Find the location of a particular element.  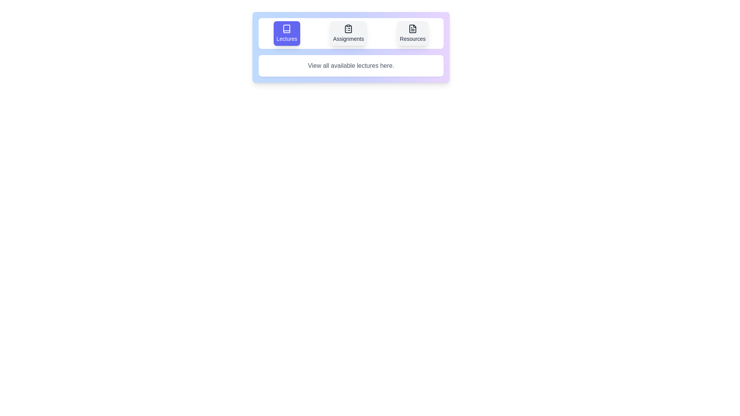

the Assignments tab to trigger its hover effect is located at coordinates (348, 33).